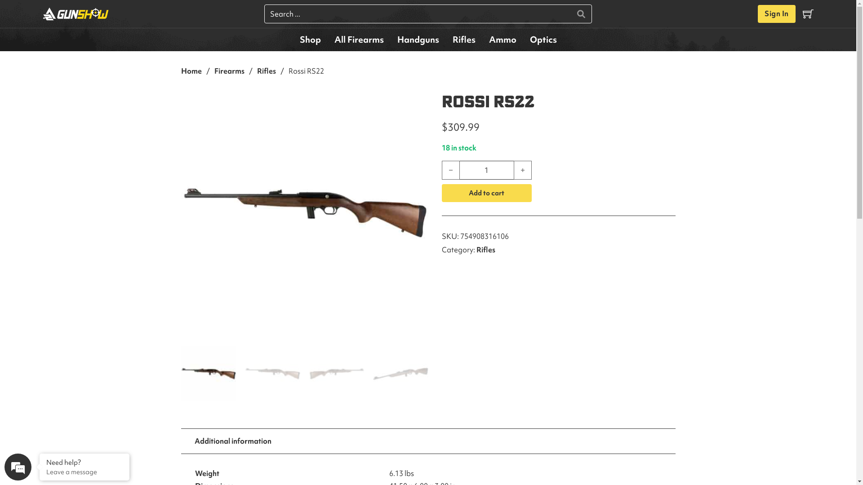 The width and height of the screenshot is (863, 485). What do you see at coordinates (310, 39) in the screenshot?
I see `'Shop'` at bounding box center [310, 39].